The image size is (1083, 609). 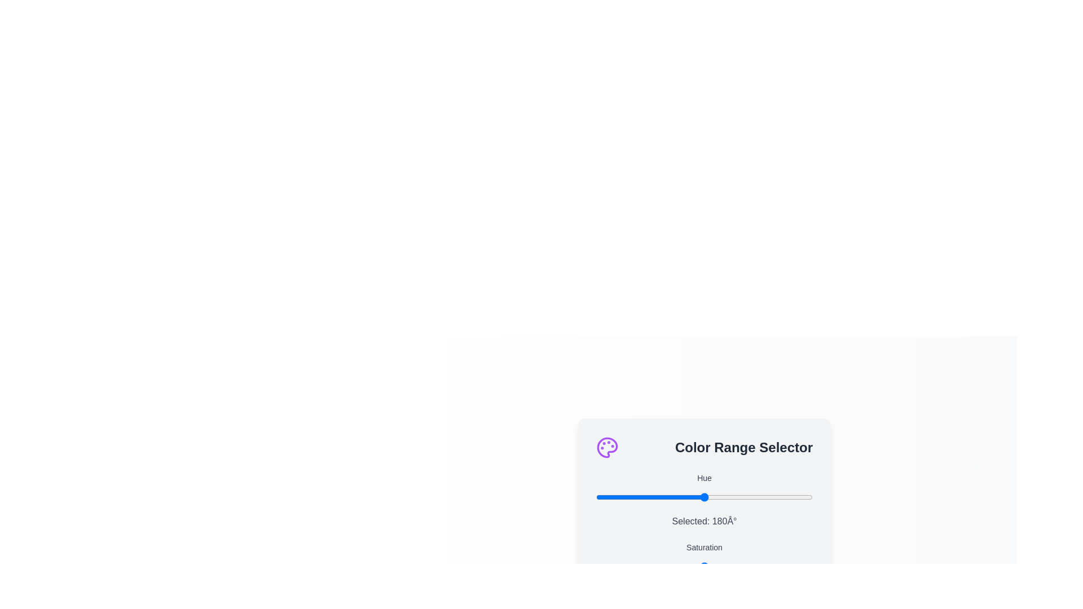 I want to click on the hue value on the slider, so click(x=605, y=496).